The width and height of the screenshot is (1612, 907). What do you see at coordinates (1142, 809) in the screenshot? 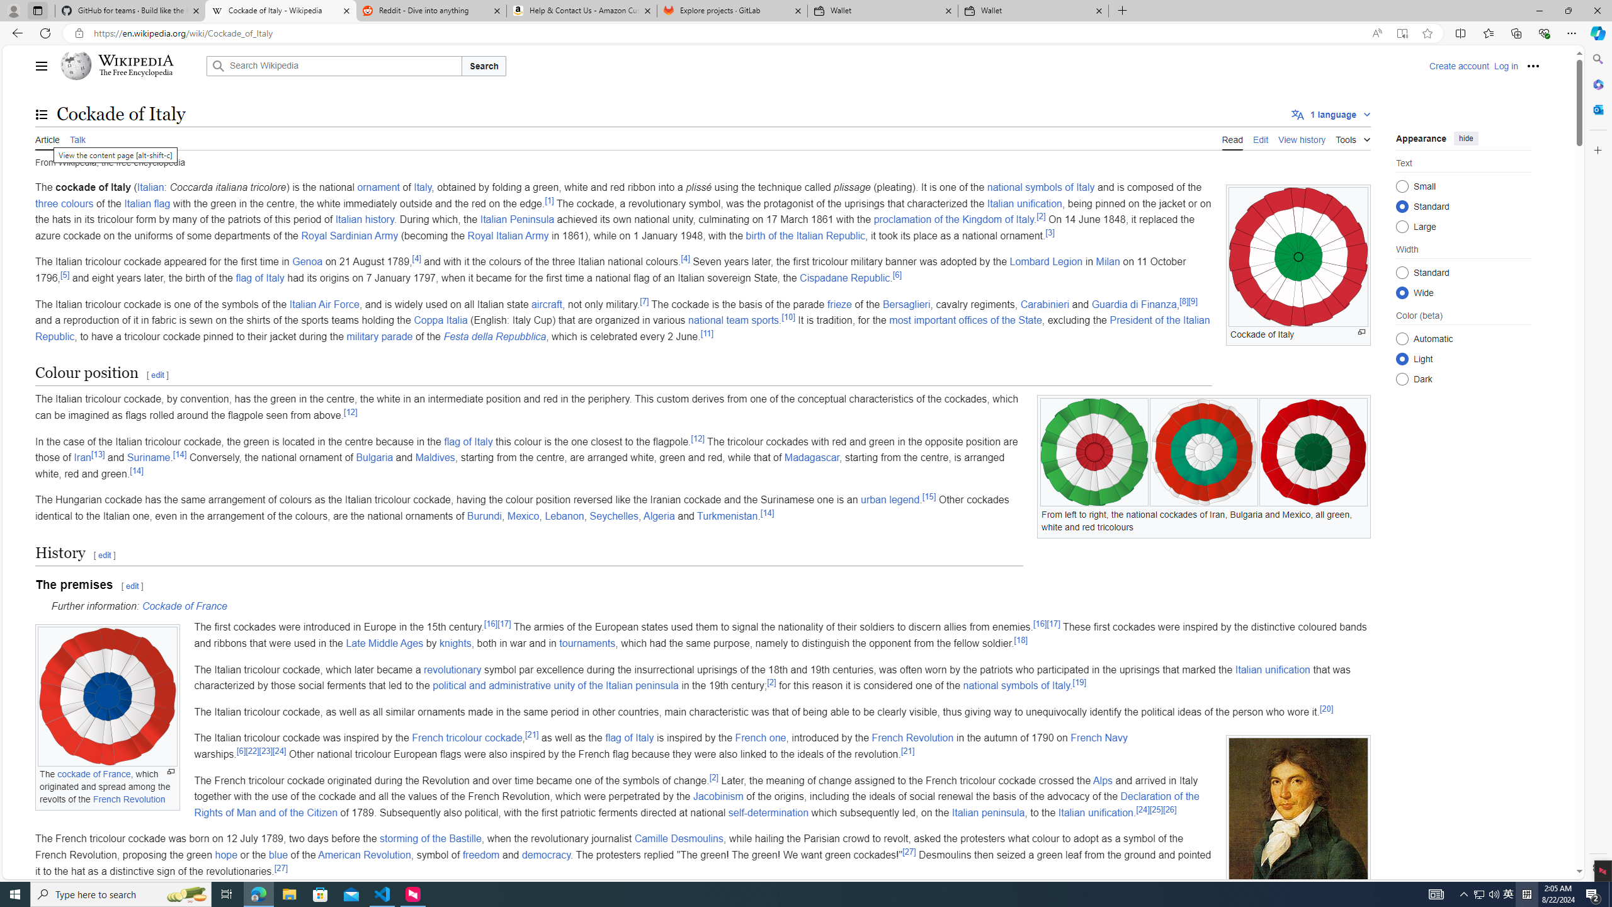
I see `'[24]'` at bounding box center [1142, 809].